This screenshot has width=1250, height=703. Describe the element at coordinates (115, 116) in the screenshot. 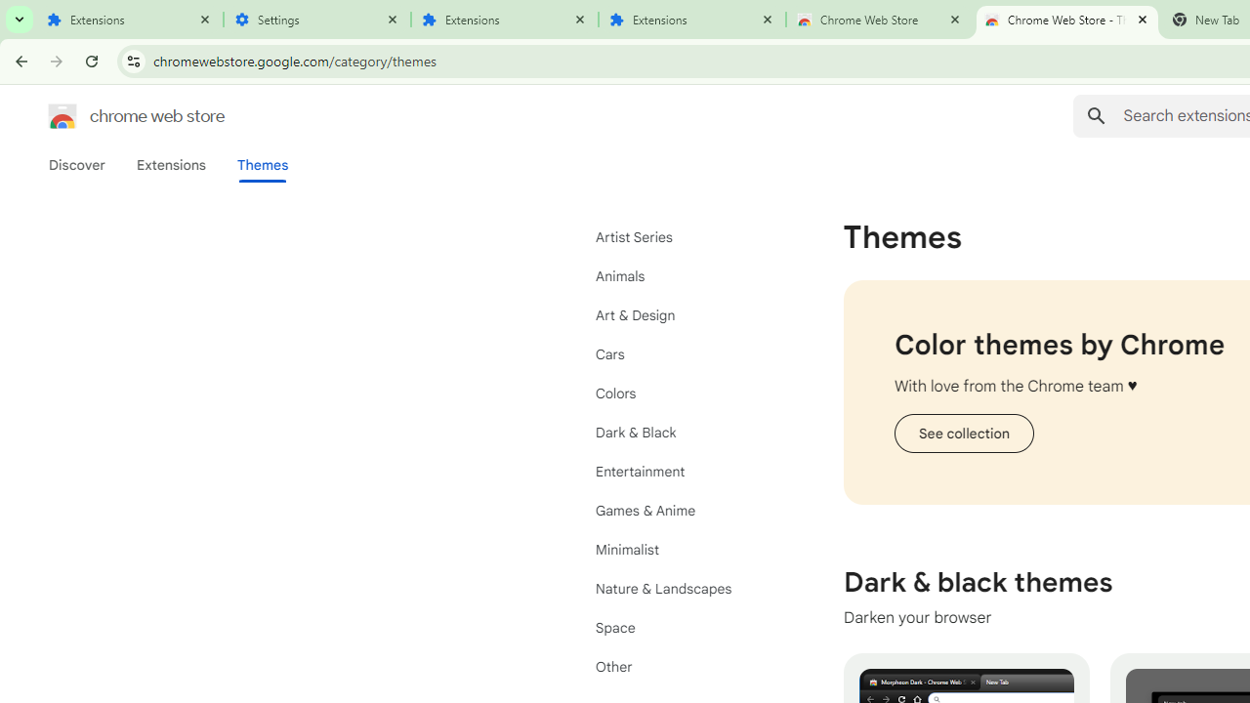

I see `'Chrome Web Store logo chrome web store'` at that location.